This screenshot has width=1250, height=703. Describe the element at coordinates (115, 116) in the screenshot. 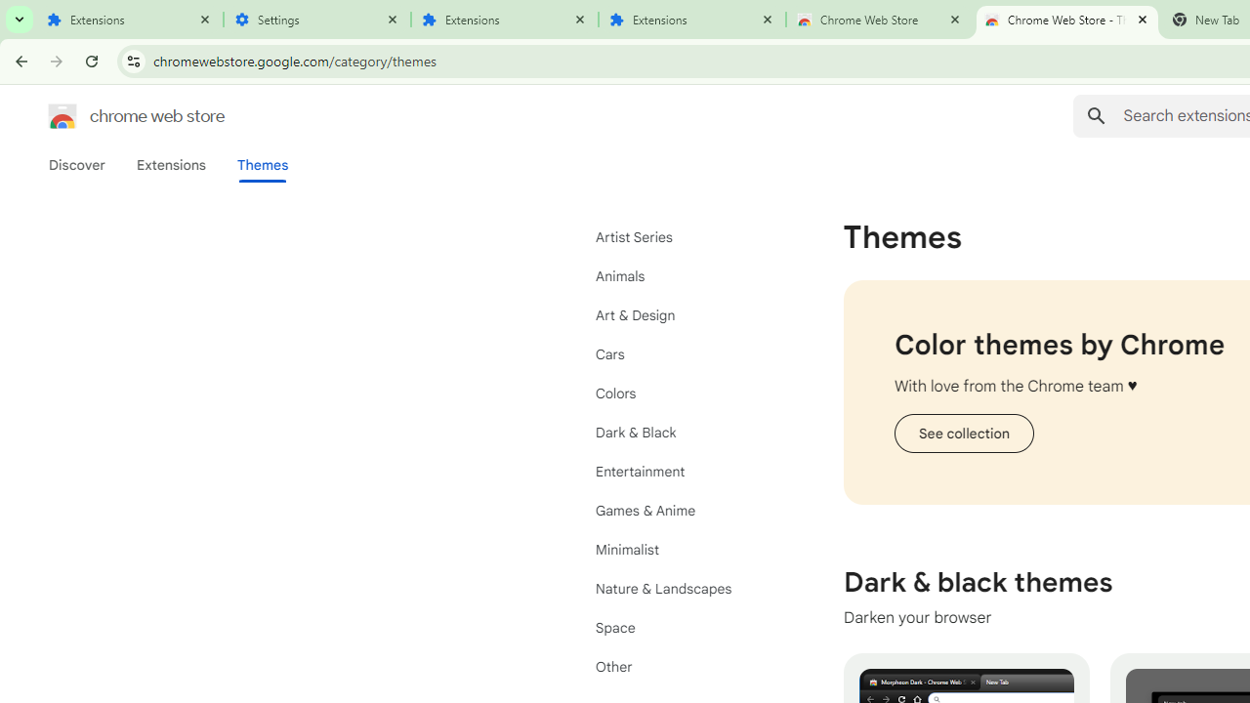

I see `'Chrome Web Store logo chrome web store'` at that location.